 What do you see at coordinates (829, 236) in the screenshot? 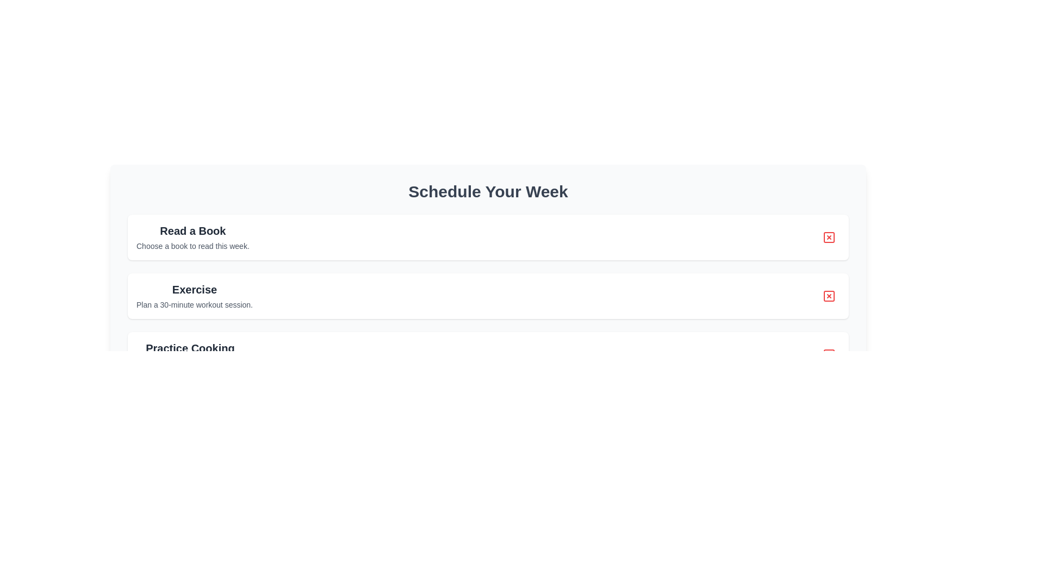
I see `the 'Remove' button located at the far right of the 'Read a Book' task panel in the 'Schedule Your Week' section to possibly display a tooltip` at bounding box center [829, 236].